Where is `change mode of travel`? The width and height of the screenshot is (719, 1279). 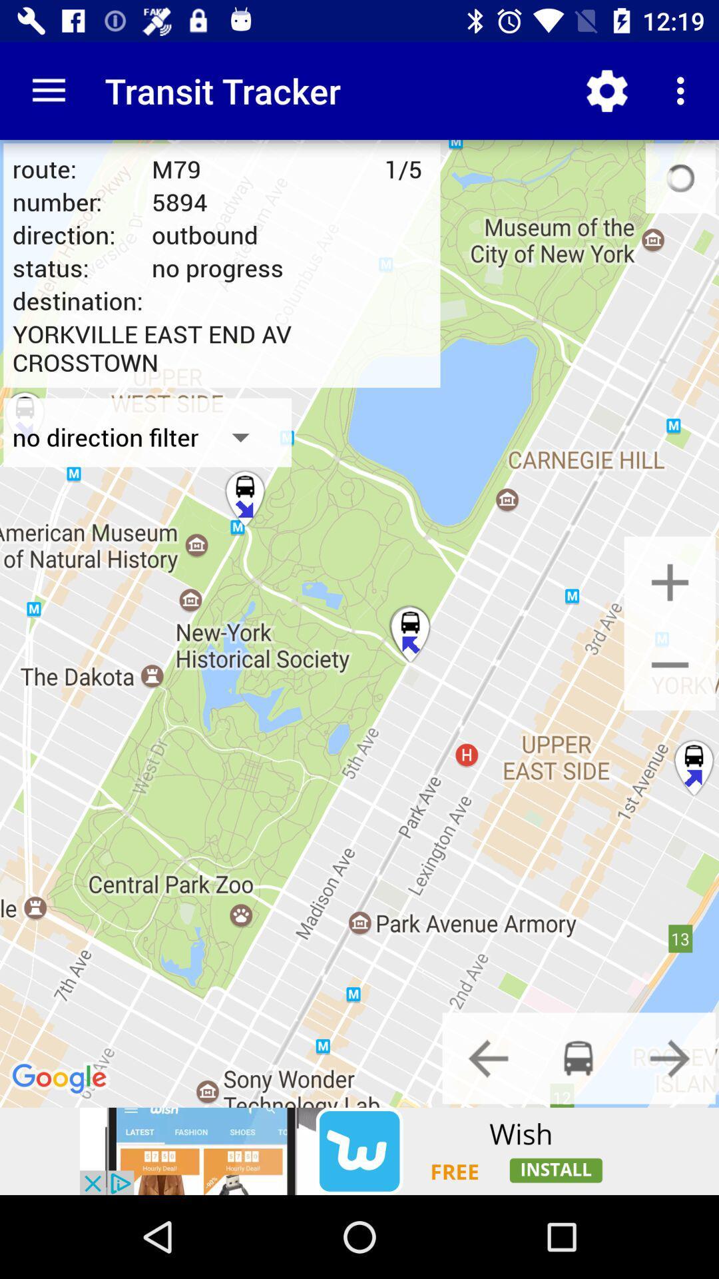 change mode of travel is located at coordinates (670, 1057).